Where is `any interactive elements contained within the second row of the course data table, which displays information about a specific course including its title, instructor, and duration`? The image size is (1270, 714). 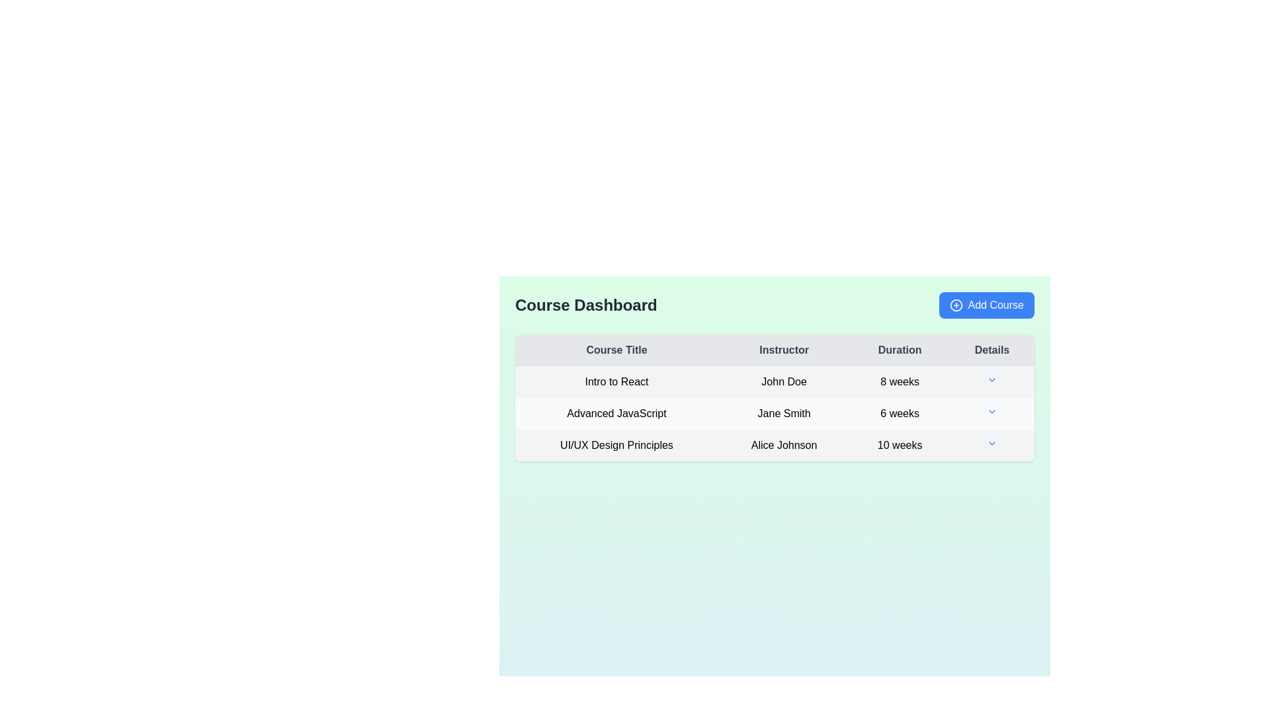
any interactive elements contained within the second row of the course data table, which displays information about a specific course including its title, instructor, and duration is located at coordinates (775, 413).